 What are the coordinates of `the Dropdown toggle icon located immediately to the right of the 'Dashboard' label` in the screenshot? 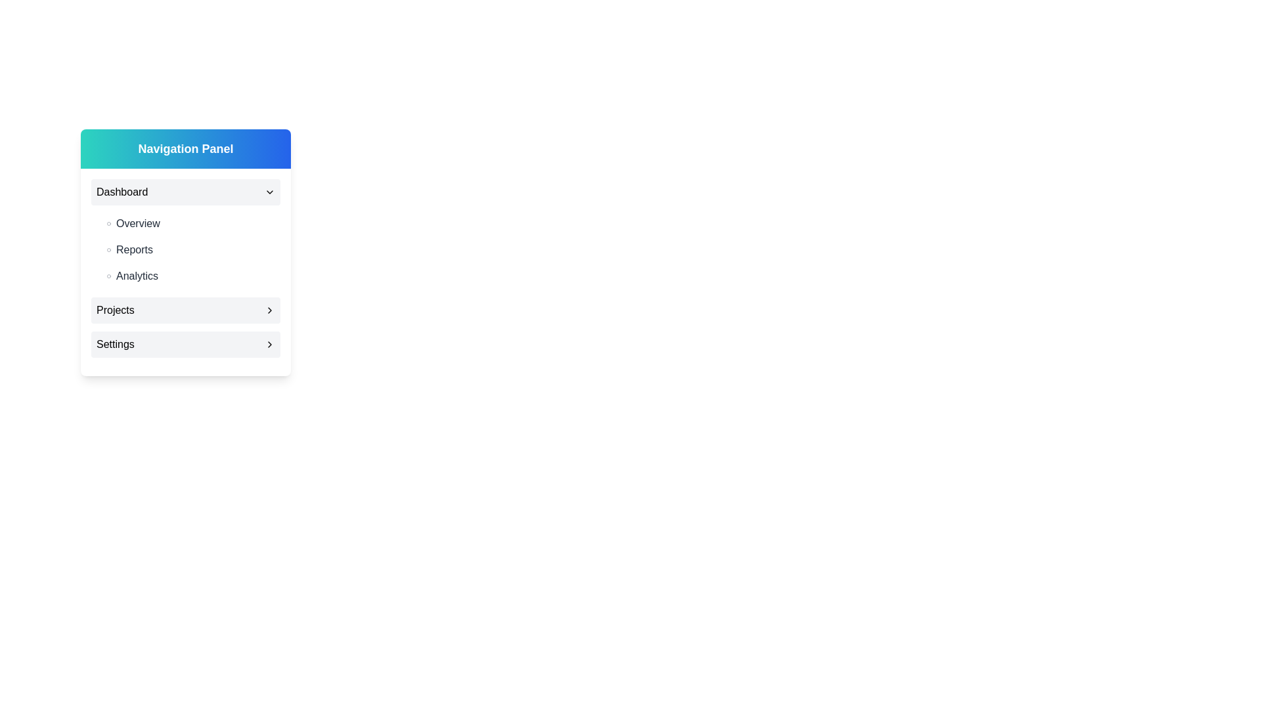 It's located at (269, 192).